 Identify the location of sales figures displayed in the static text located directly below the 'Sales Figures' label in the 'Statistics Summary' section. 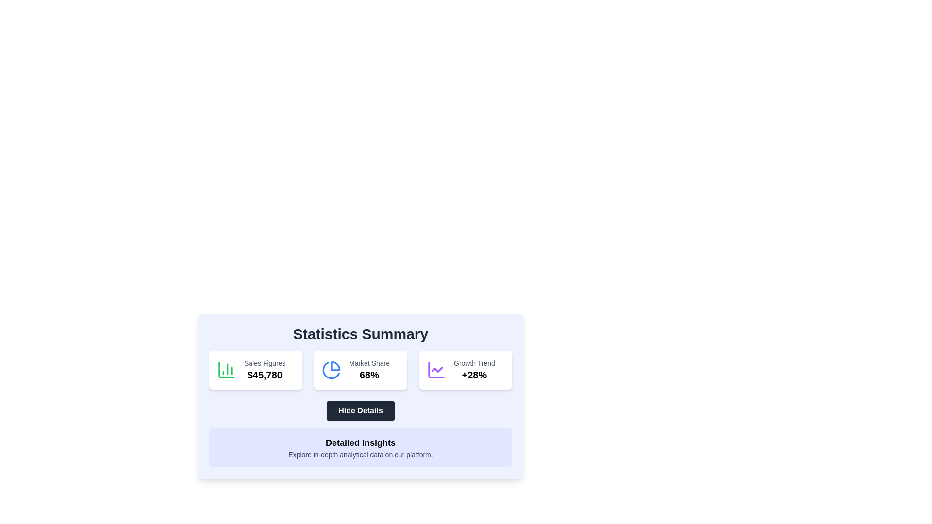
(265, 374).